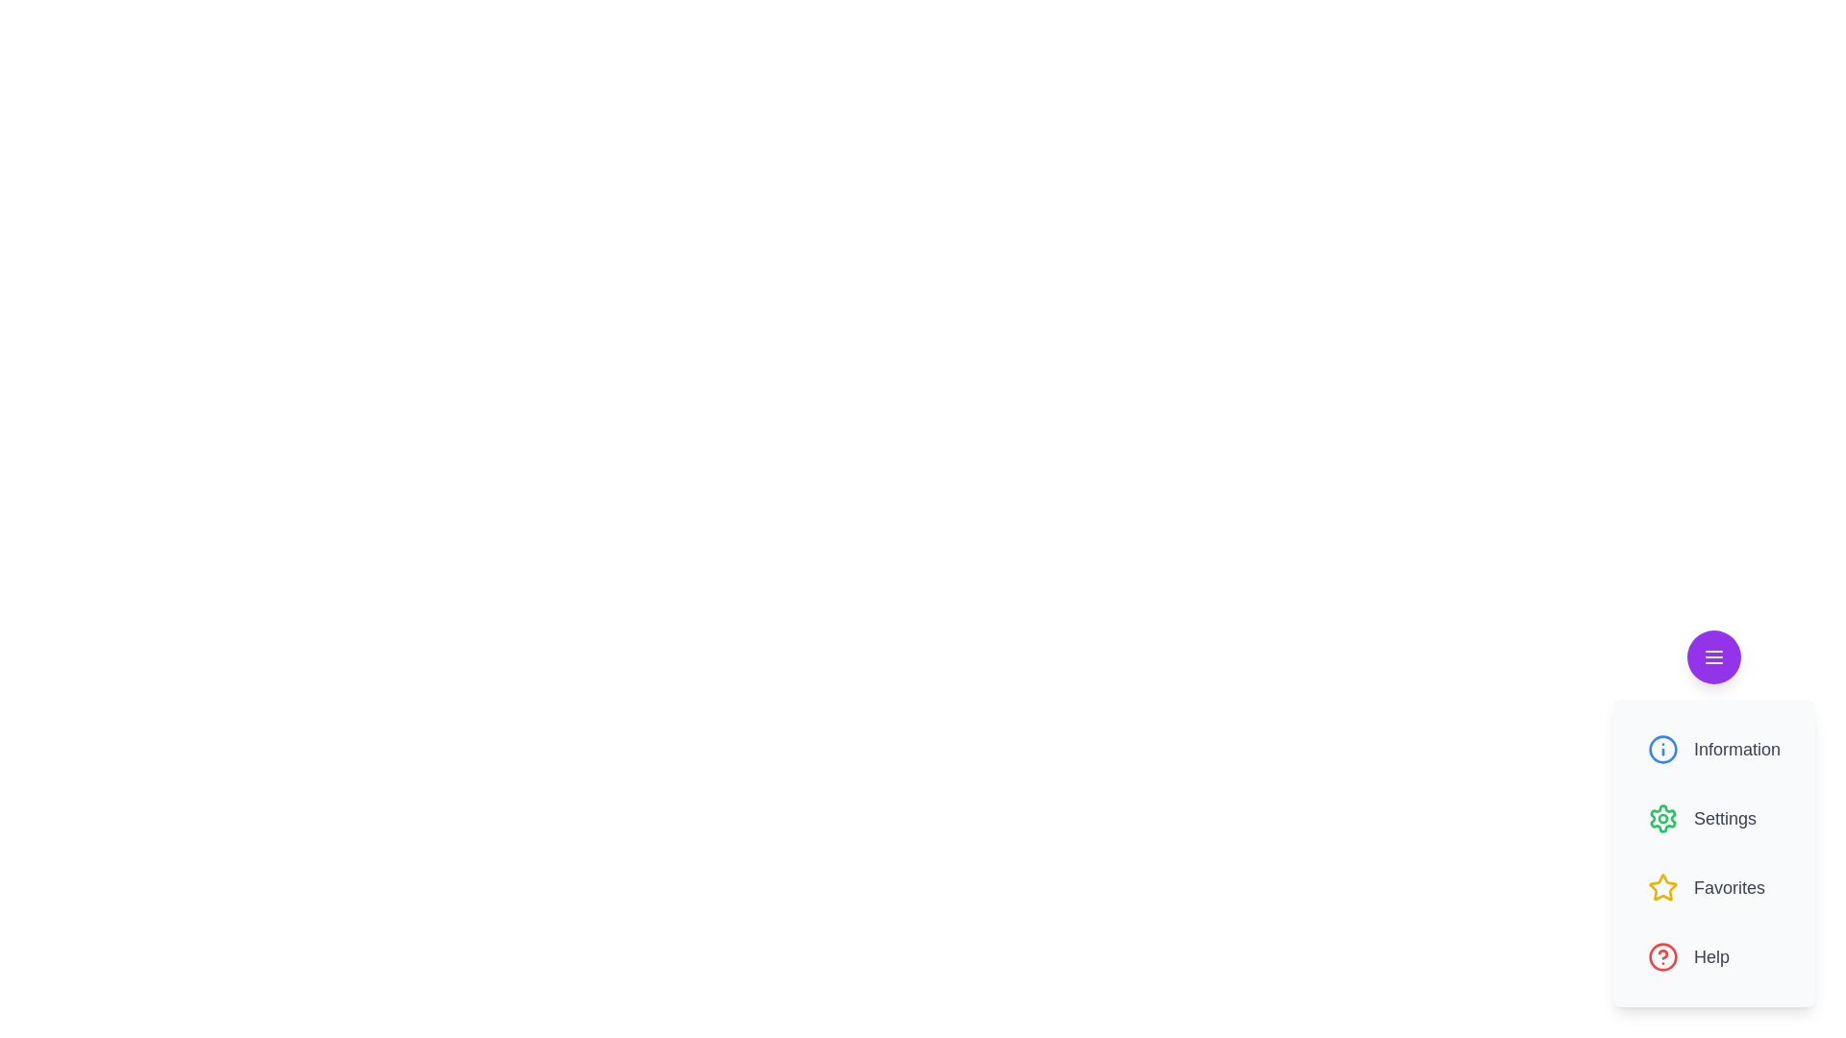 The height and width of the screenshot is (1038, 1846). I want to click on the Favorites button in the menu, so click(1713, 888).